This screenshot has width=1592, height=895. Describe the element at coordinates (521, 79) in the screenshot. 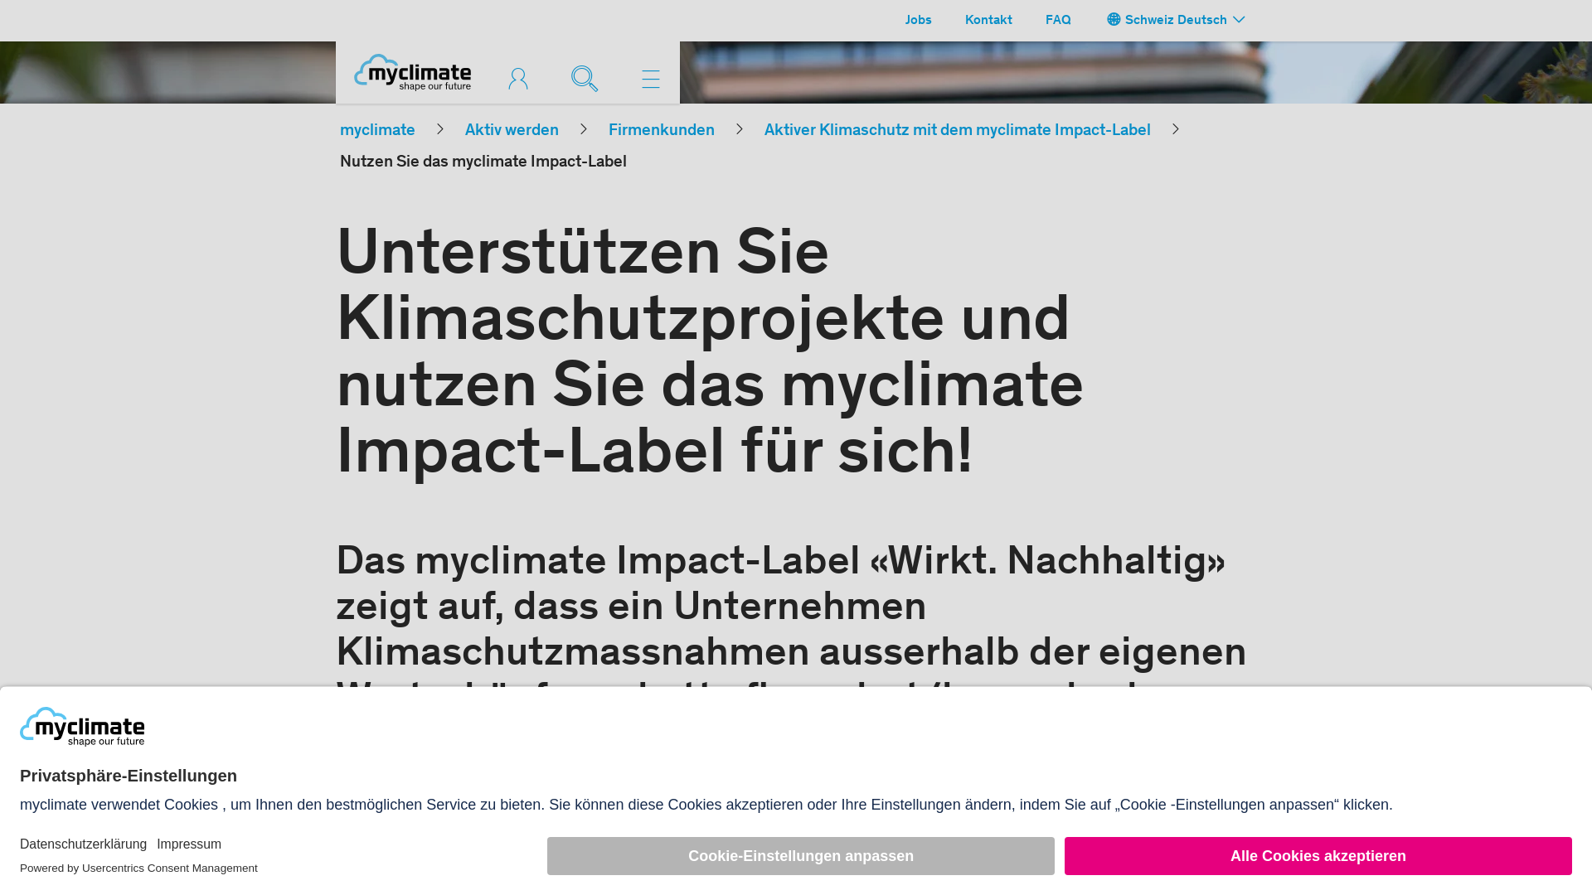

I see `'Kompensieren'` at that location.